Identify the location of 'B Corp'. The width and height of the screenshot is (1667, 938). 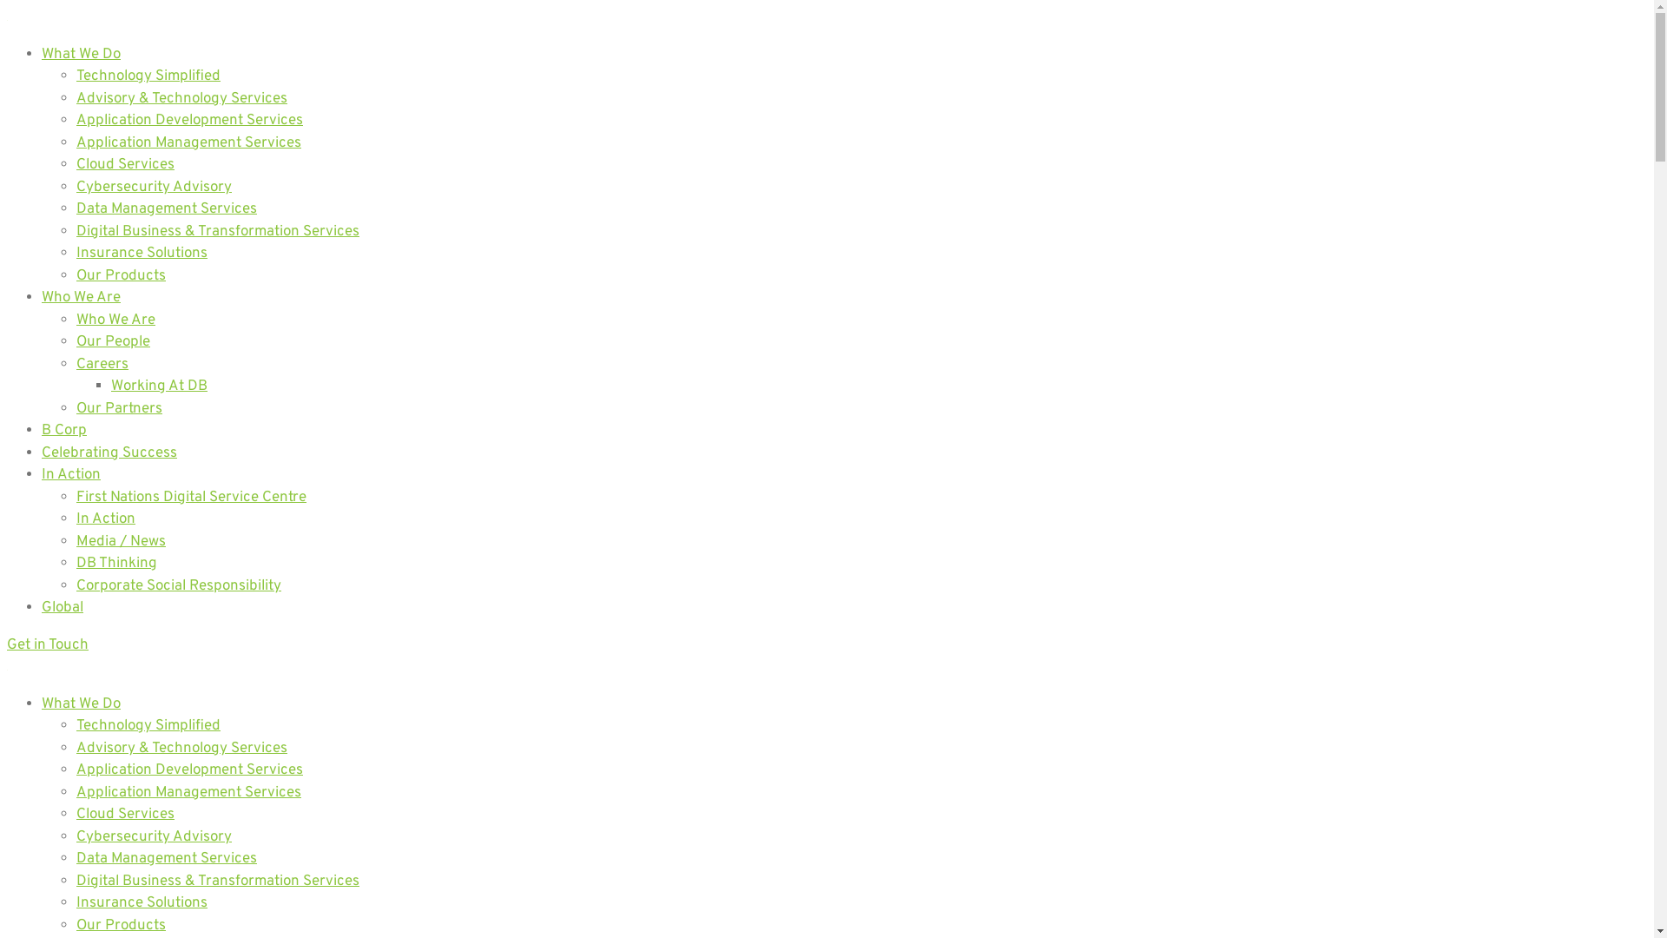
(42, 430).